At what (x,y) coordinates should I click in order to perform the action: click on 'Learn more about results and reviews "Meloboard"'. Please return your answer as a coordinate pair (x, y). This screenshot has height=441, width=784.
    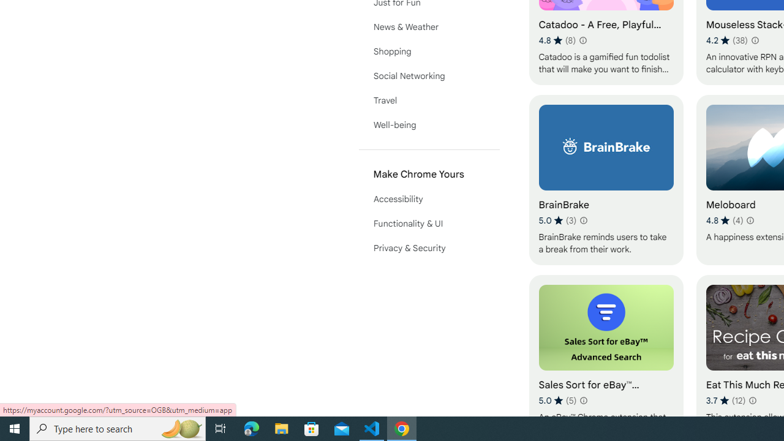
    Looking at the image, I should click on (749, 221).